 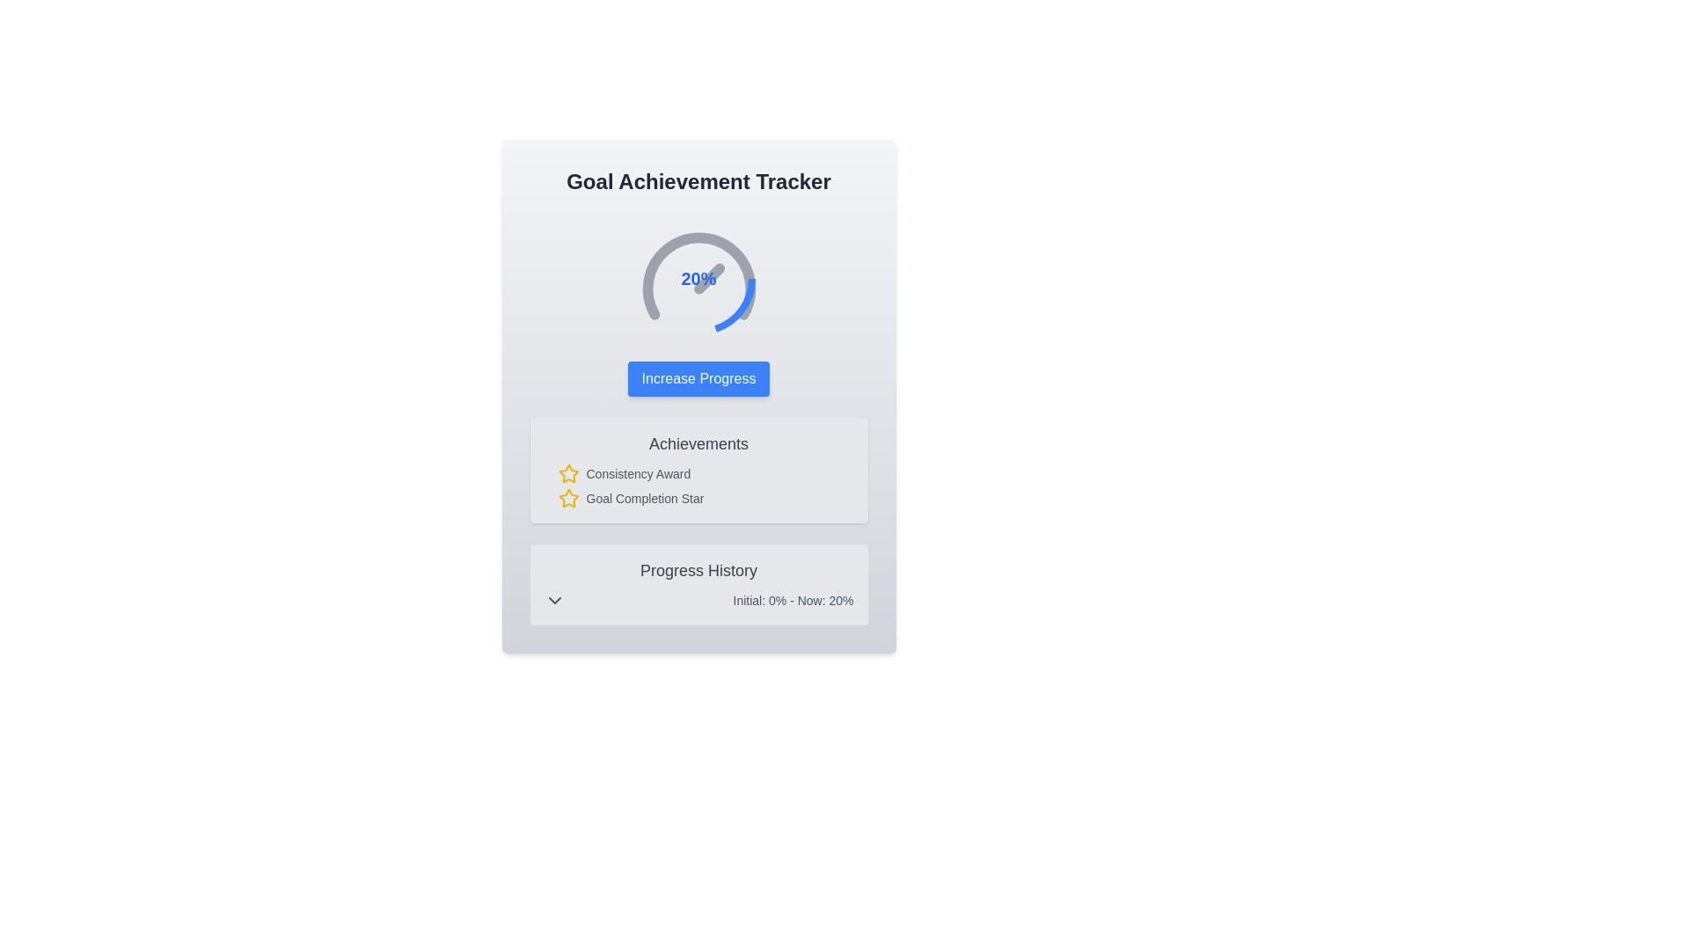 What do you see at coordinates (698, 443) in the screenshot?
I see `the text label titled 'Achievements' which is prominently displayed at the top of its section, styled in gray with a larger font size` at bounding box center [698, 443].